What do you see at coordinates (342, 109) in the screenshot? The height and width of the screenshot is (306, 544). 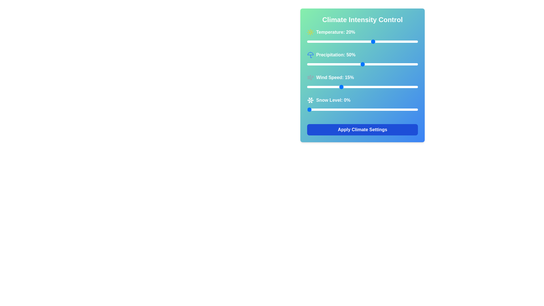 I see `the snow level` at bounding box center [342, 109].